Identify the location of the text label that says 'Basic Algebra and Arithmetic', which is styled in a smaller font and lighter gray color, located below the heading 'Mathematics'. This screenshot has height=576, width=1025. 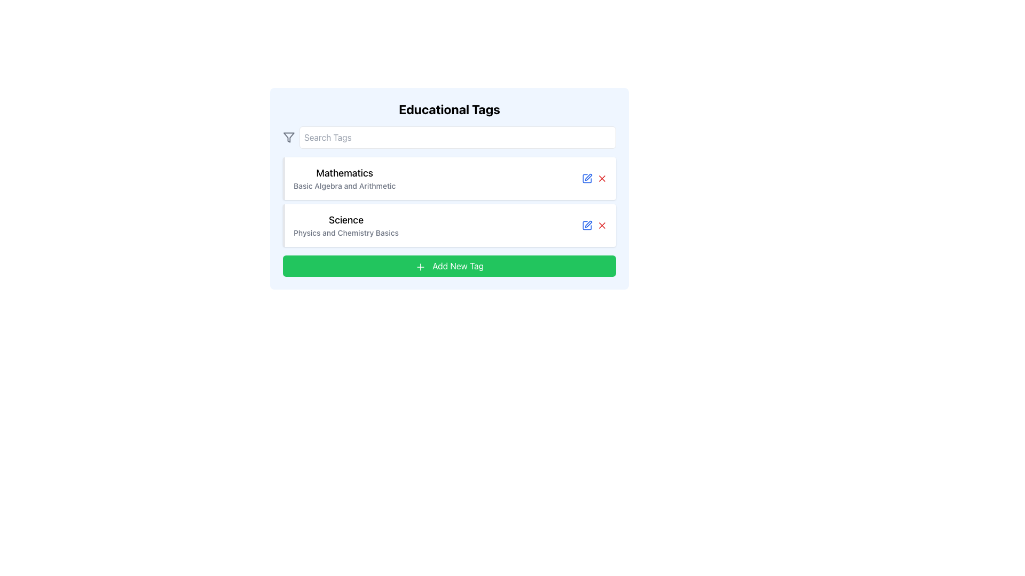
(344, 185).